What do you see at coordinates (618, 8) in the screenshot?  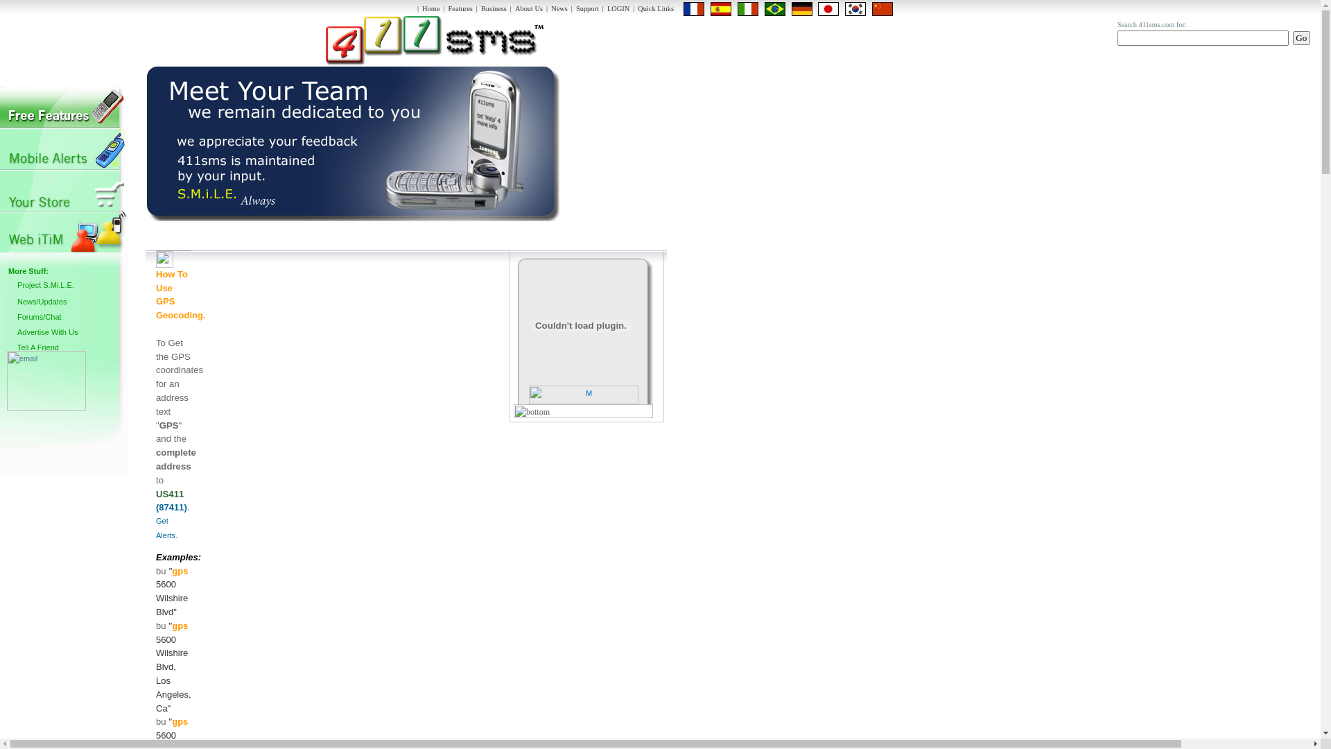 I see `'LOGIN'` at bounding box center [618, 8].